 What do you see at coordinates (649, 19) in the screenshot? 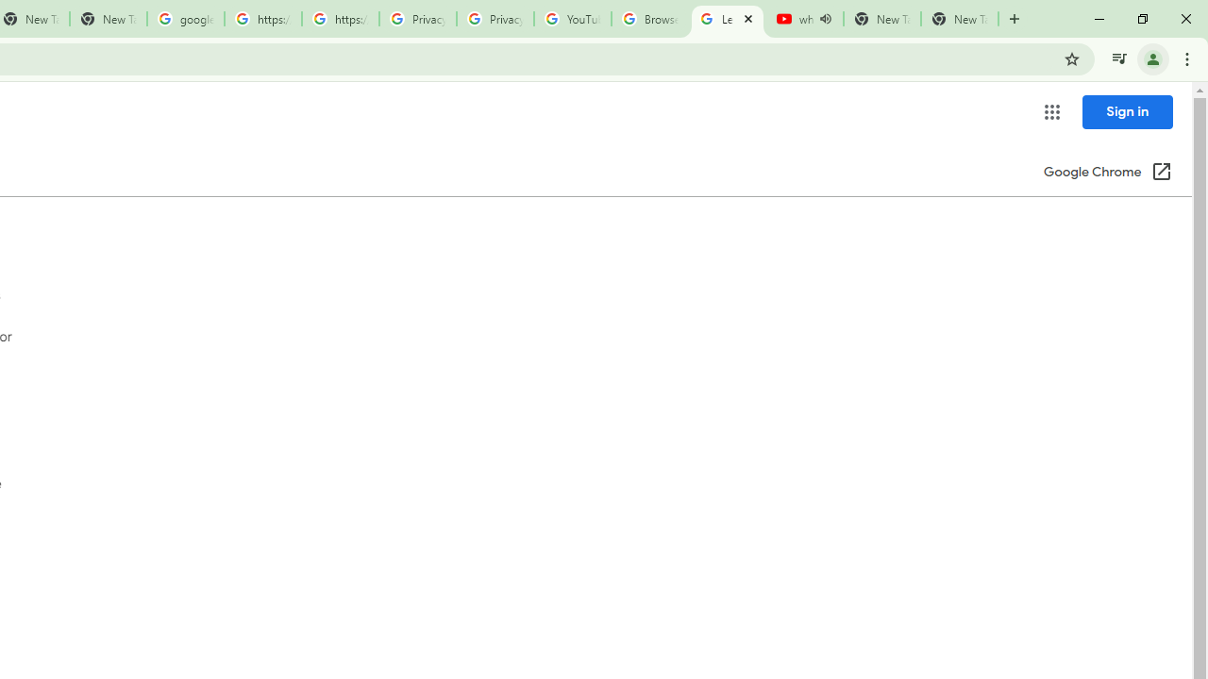
I see `'Browse Chrome as a guest - Computer - Google Chrome Help'` at bounding box center [649, 19].